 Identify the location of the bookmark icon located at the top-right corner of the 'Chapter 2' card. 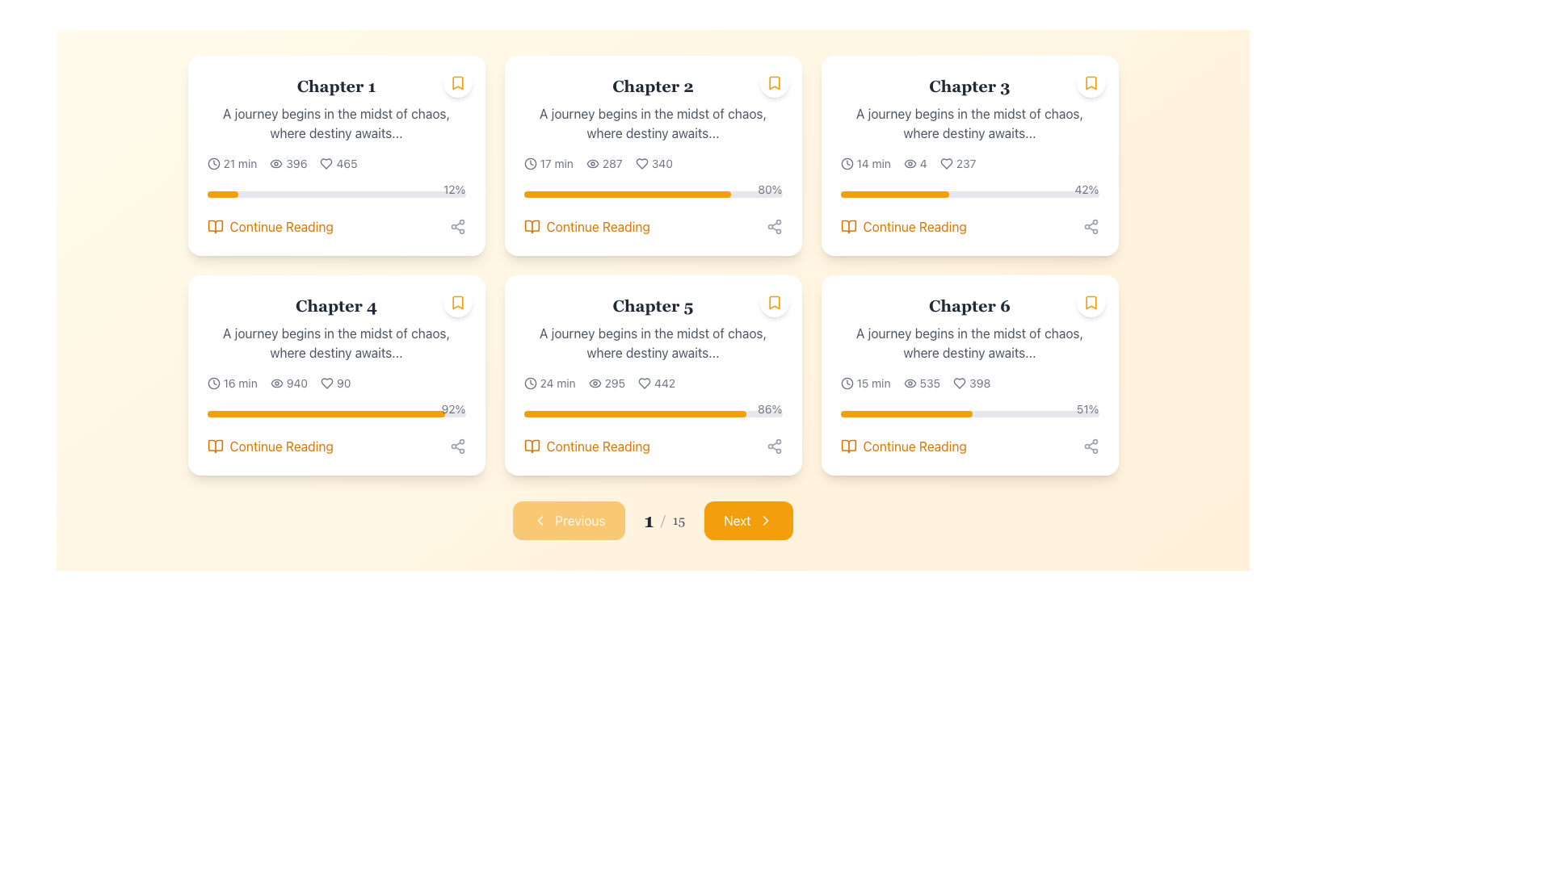
(773, 83).